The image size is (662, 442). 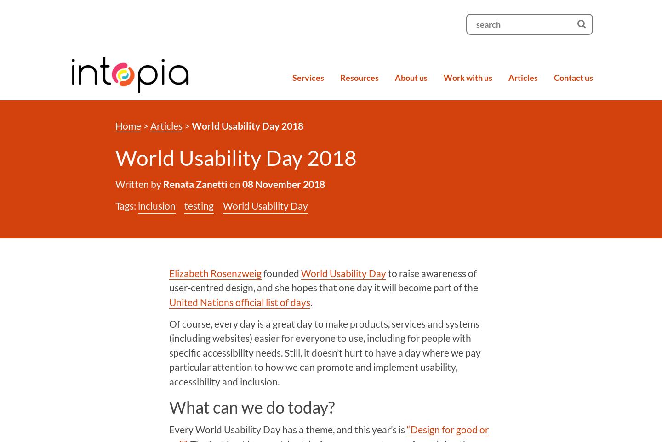 What do you see at coordinates (443, 77) in the screenshot?
I see `'Work with us'` at bounding box center [443, 77].